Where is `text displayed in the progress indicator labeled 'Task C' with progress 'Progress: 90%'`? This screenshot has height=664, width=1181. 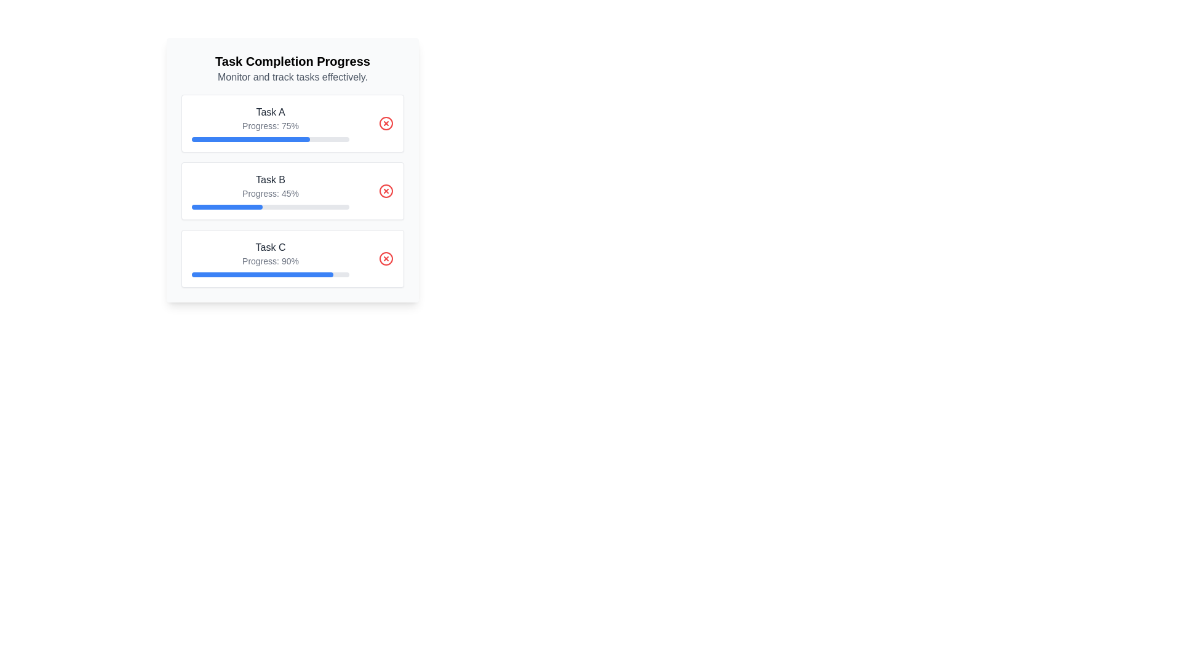 text displayed in the progress indicator labeled 'Task C' with progress 'Progress: 90%' is located at coordinates (270, 258).